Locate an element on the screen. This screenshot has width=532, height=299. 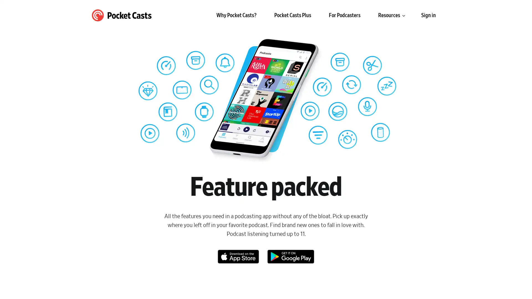
Resources submenu is located at coordinates (389, 15).